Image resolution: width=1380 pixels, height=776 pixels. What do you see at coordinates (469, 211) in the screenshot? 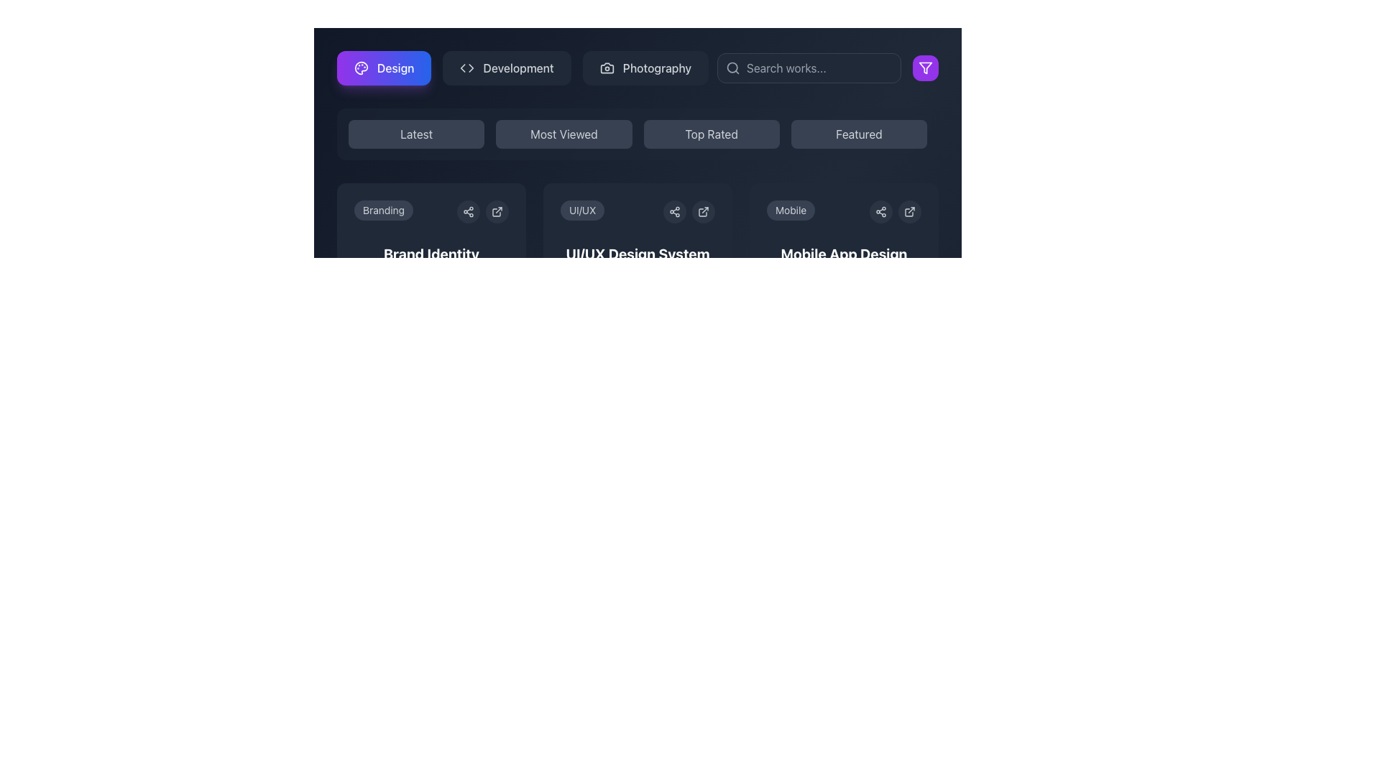
I see `the Share button icon, which is represented by three connected circles overlaid on a semi-transparent dark background, located in the upper right corner of a card-like widget` at bounding box center [469, 211].